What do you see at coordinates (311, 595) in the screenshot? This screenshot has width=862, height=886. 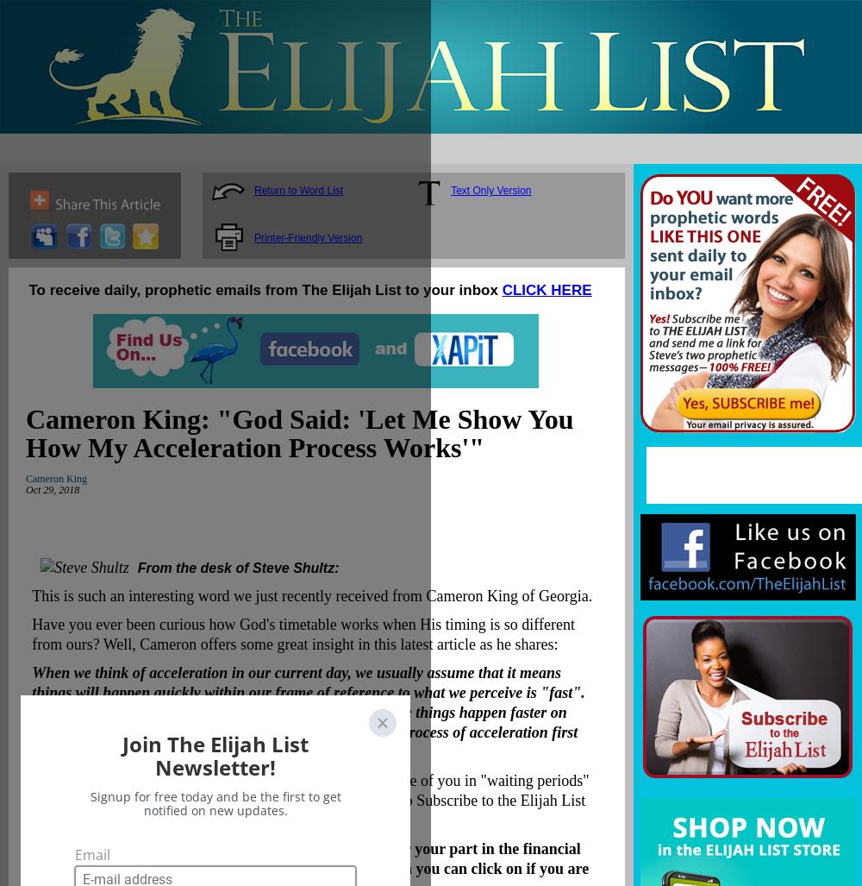 I see `'This is such an interesting word we just recently received from Cameron King of Georgia.'` at bounding box center [311, 595].